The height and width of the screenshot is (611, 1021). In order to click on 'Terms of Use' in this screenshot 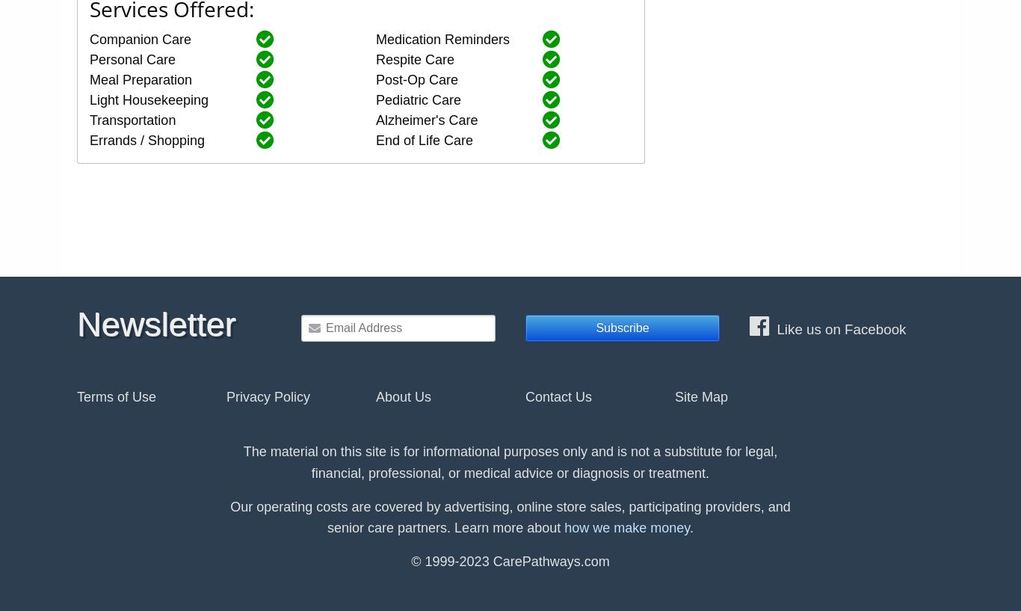, I will do `click(76, 395)`.